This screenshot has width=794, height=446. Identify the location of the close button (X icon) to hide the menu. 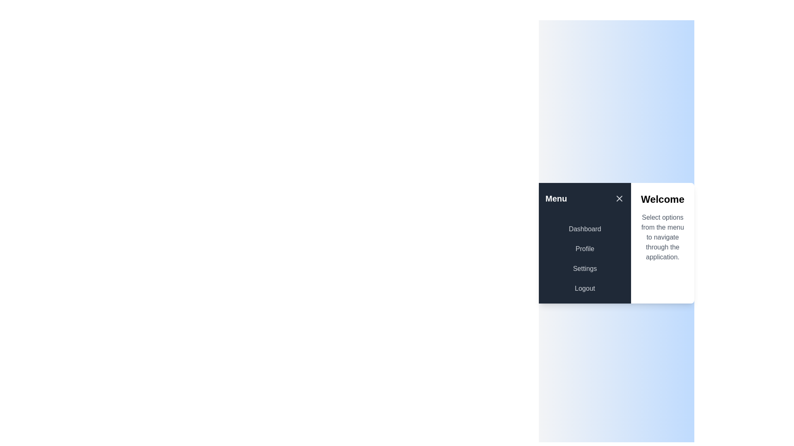
(619, 199).